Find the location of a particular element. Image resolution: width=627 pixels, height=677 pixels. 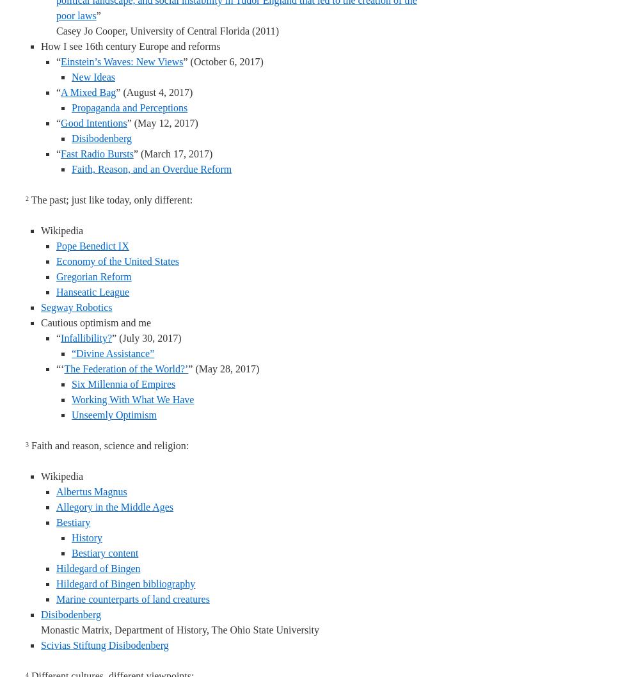

'Albertus Magnus' is located at coordinates (91, 491).